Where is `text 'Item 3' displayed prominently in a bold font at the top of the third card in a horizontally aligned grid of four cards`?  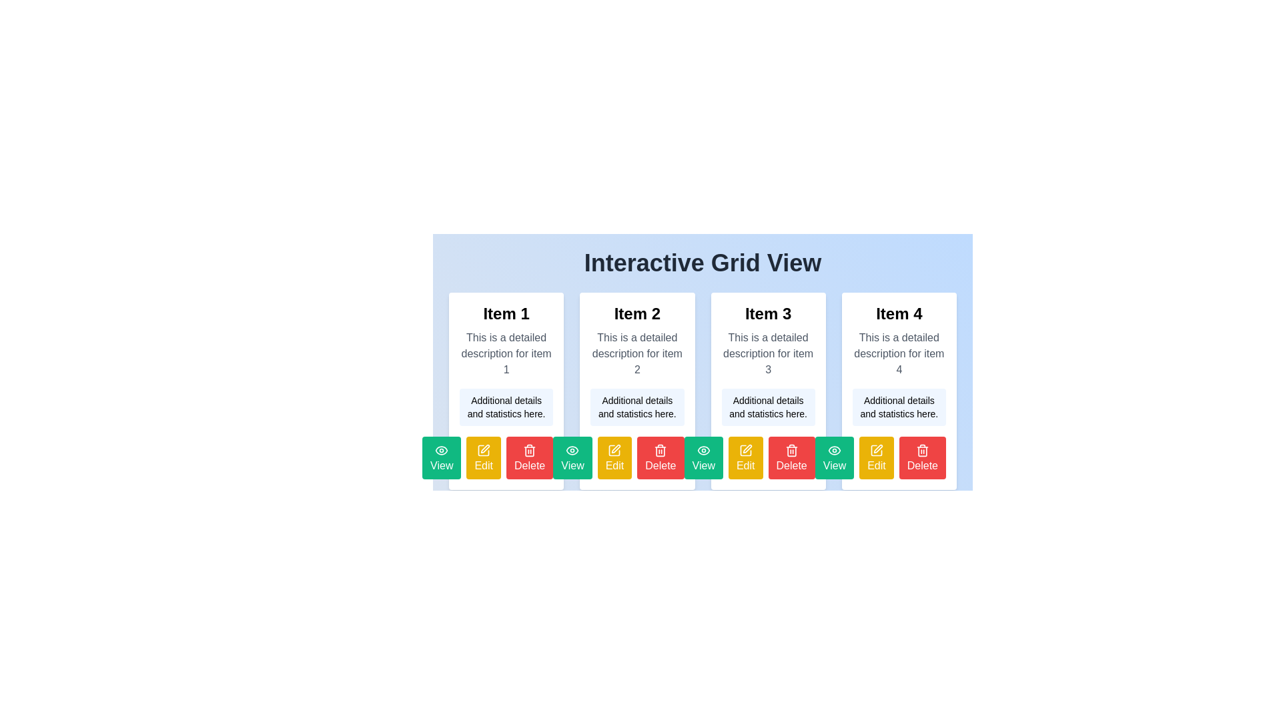 text 'Item 3' displayed prominently in a bold font at the top of the third card in a horizontally aligned grid of four cards is located at coordinates (768, 313).